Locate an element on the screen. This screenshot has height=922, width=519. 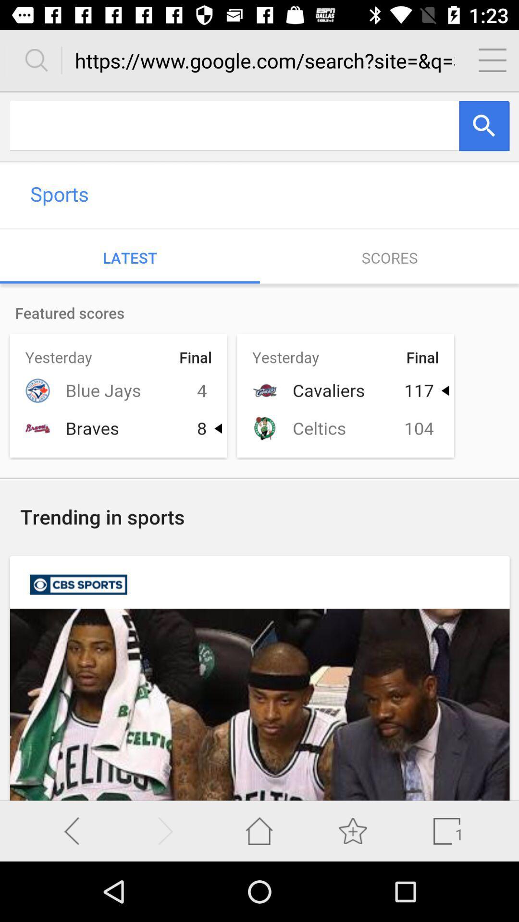
display screen is located at coordinates (259, 445).